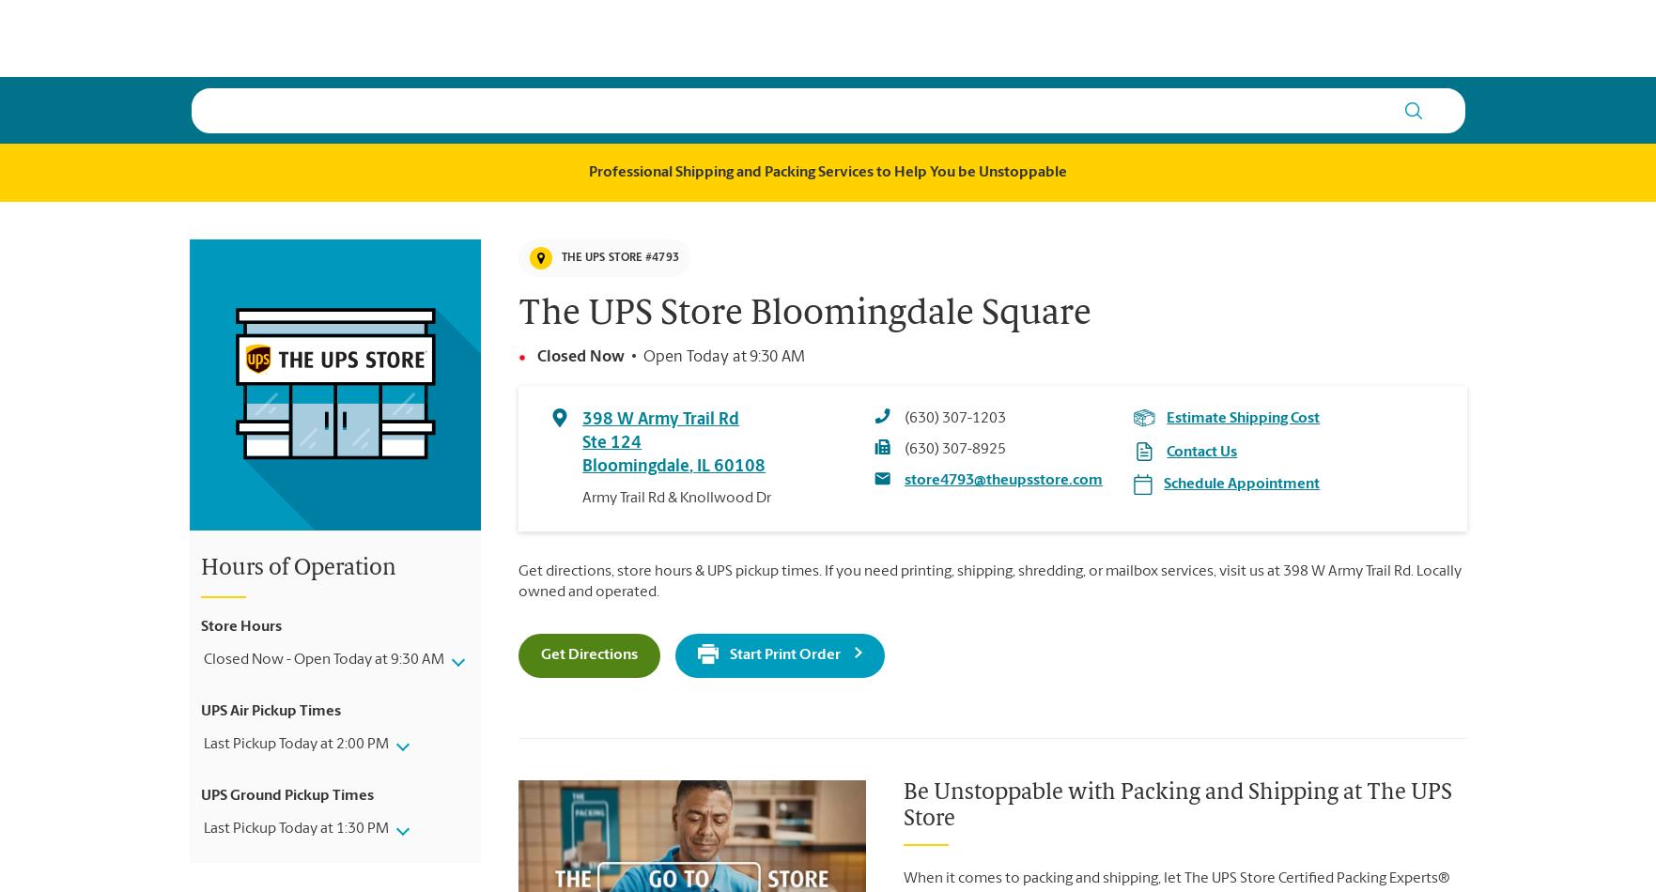 The width and height of the screenshot is (1656, 892). I want to click on 'Es', so click(1447, 37).